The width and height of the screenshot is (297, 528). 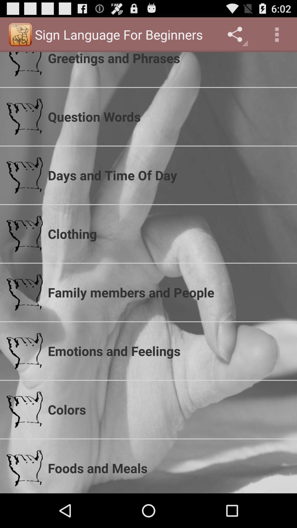 What do you see at coordinates (169, 234) in the screenshot?
I see `icon below days and time item` at bounding box center [169, 234].